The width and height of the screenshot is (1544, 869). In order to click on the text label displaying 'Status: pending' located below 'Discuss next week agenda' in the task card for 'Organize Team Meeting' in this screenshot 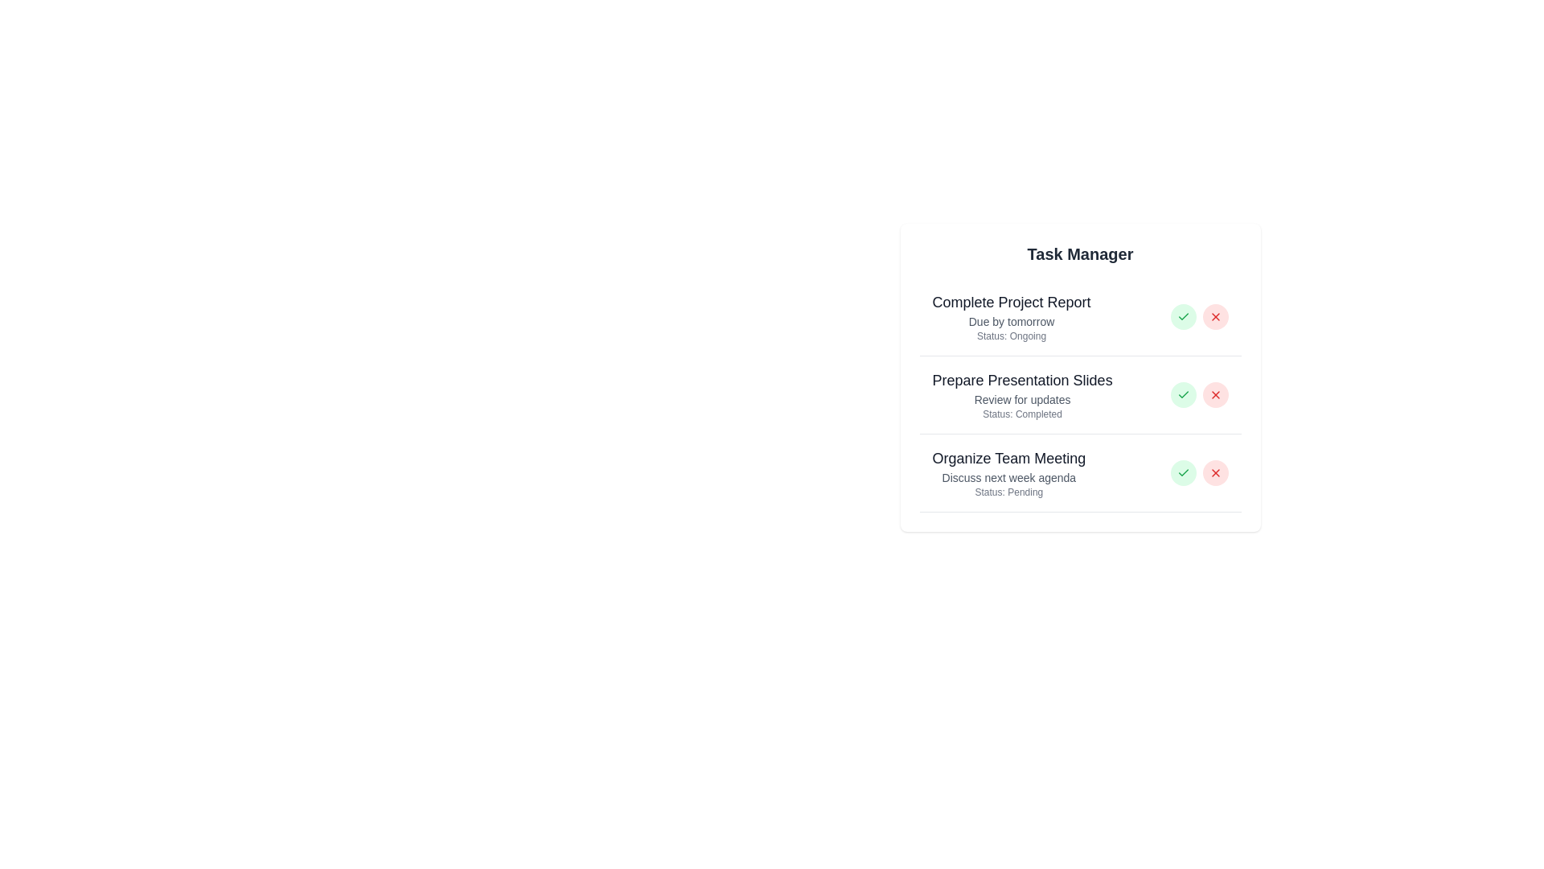, I will do `click(1008, 492)`.